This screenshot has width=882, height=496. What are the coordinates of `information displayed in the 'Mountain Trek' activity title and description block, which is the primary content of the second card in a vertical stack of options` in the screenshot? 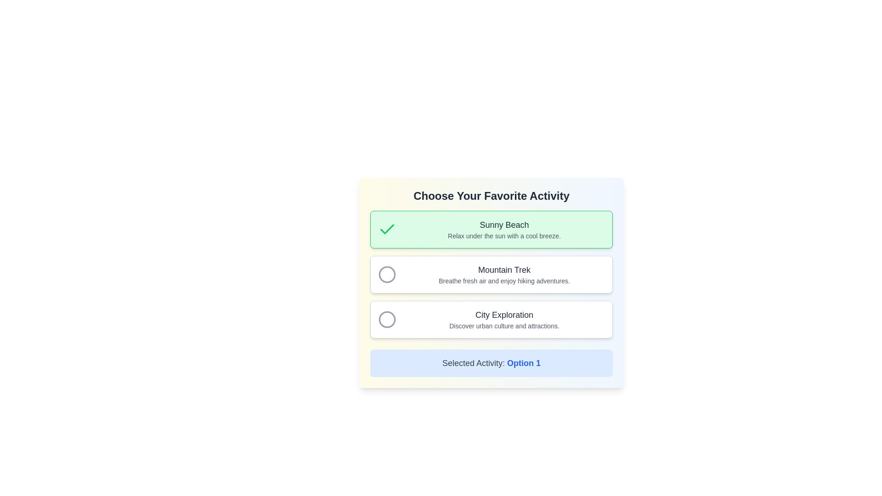 It's located at (504, 274).